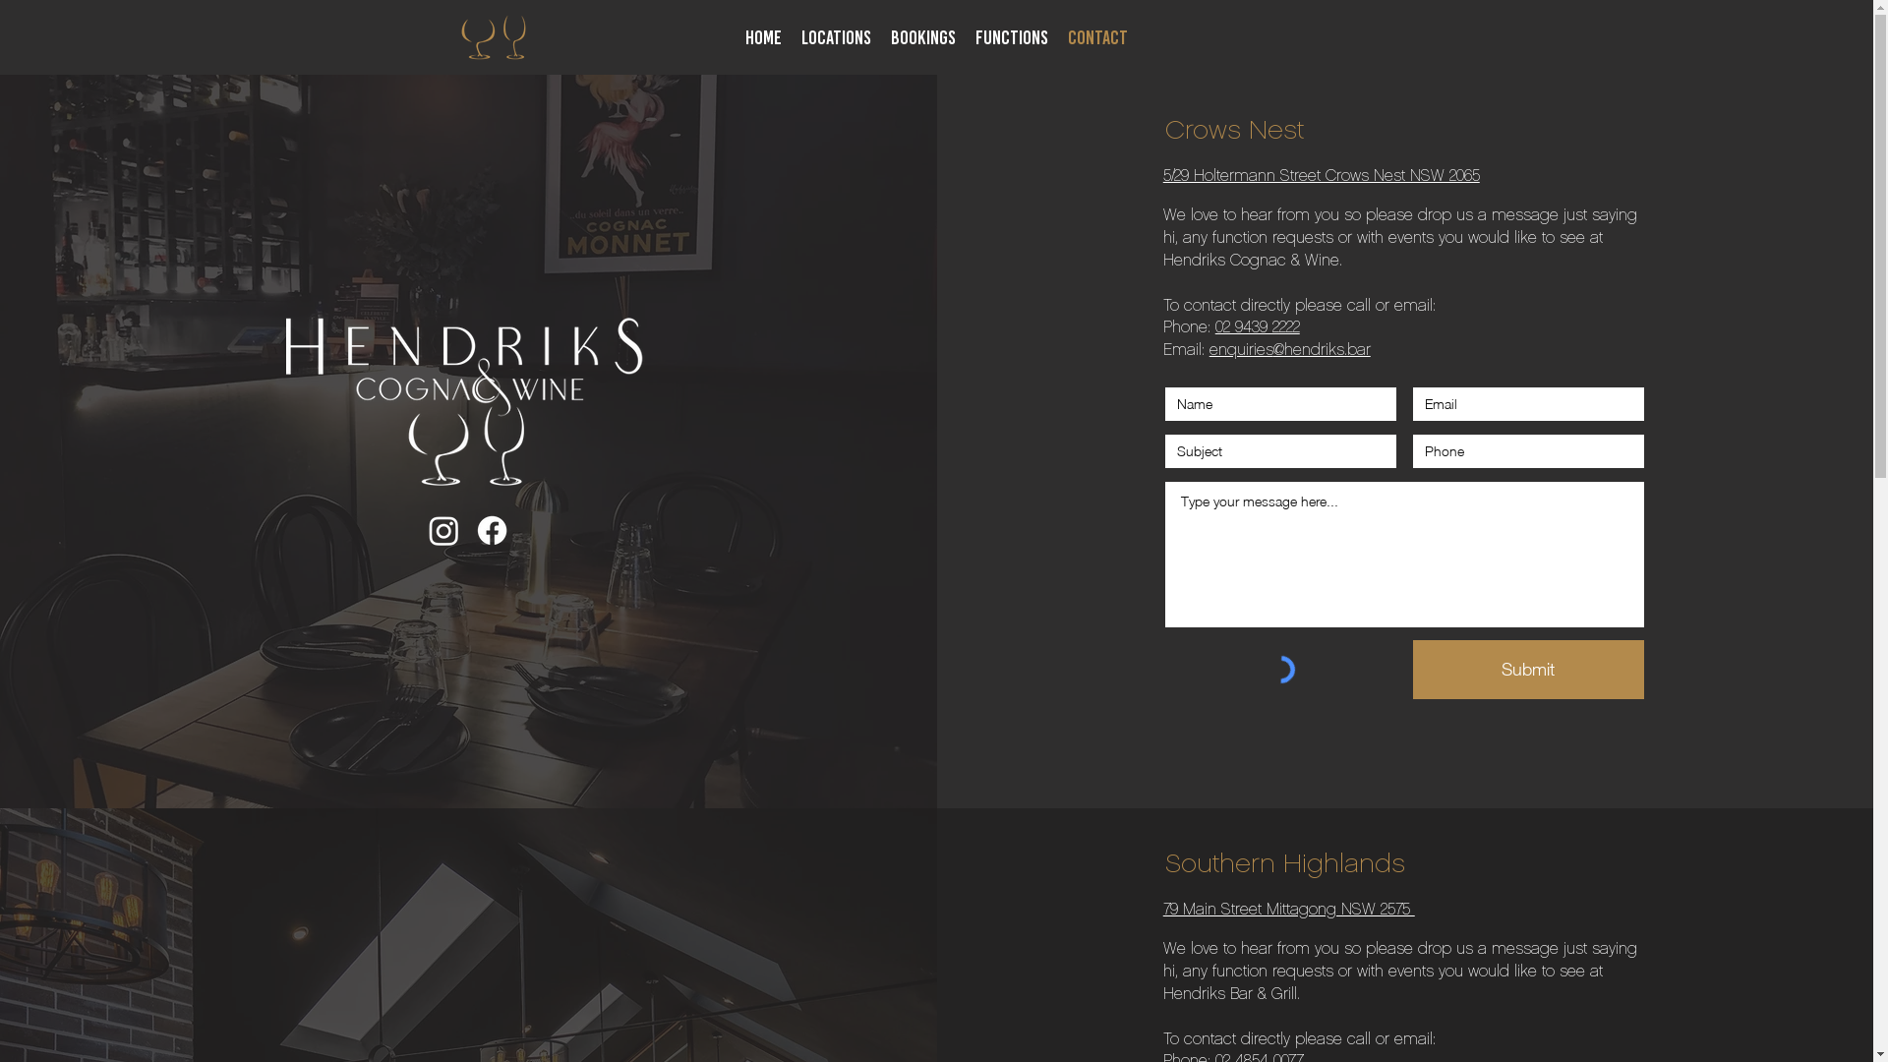  What do you see at coordinates (1288, 910) in the screenshot?
I see `'79 Main Street Mittagong NSW 2575 '` at bounding box center [1288, 910].